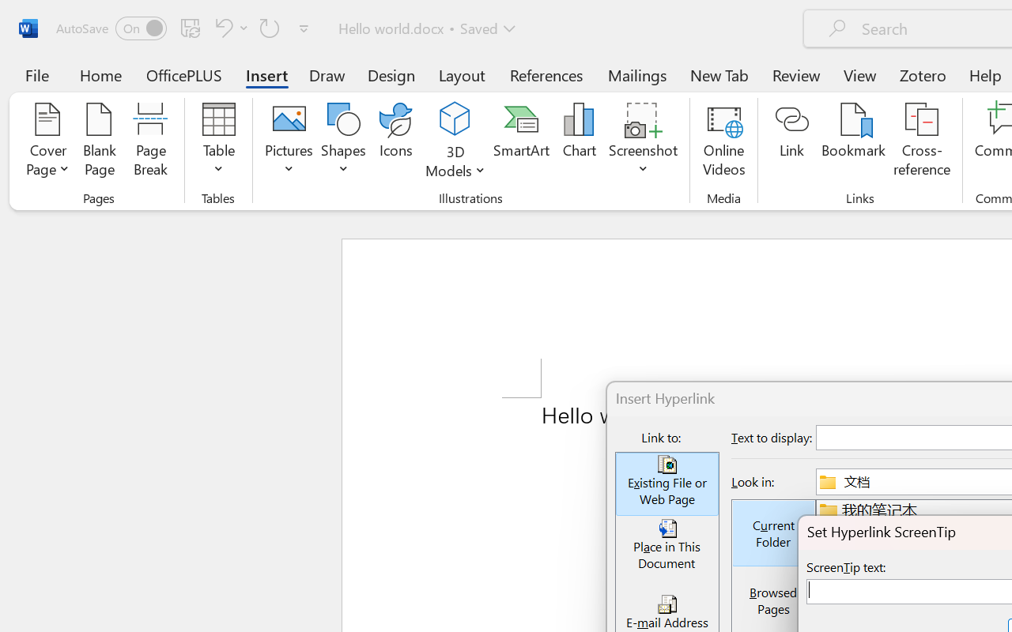  Describe the element at coordinates (99, 141) in the screenshot. I see `'Blank Page'` at that location.